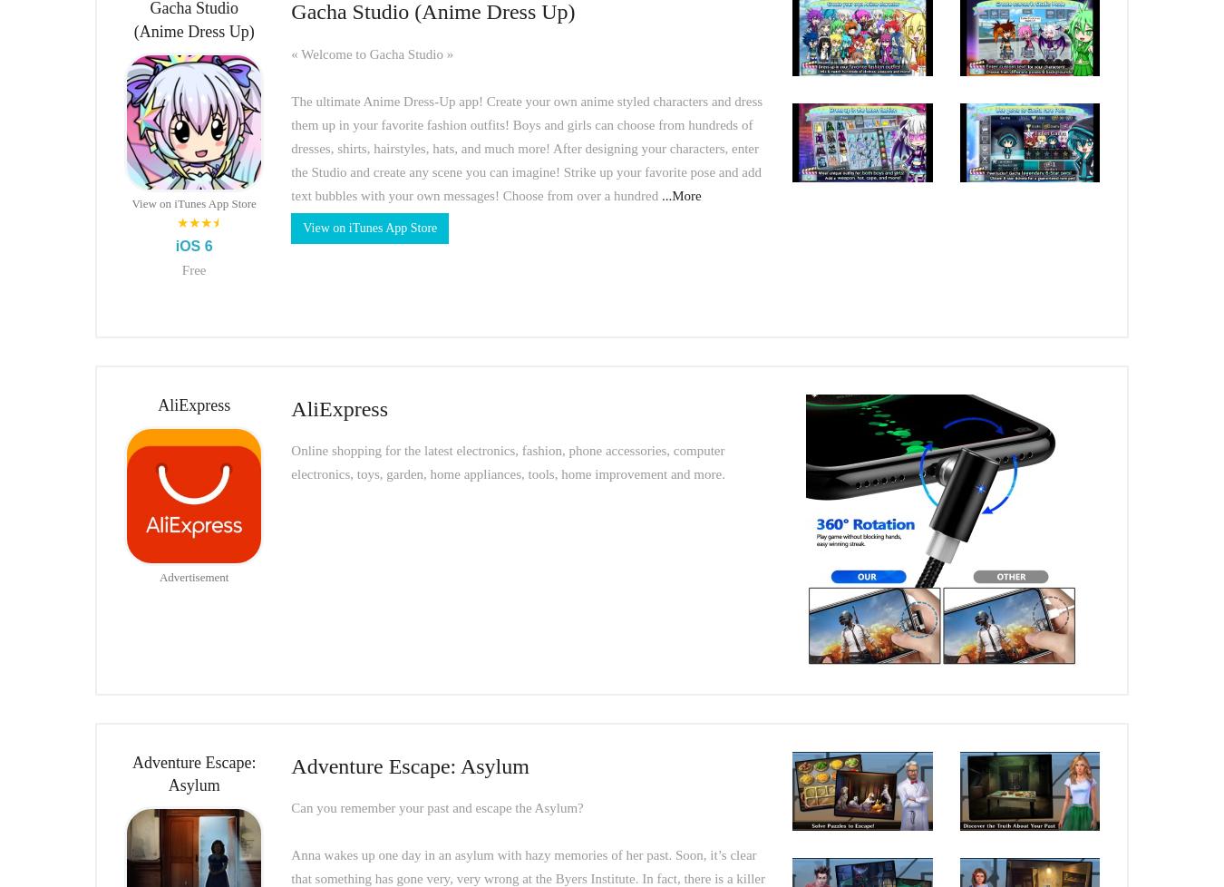 The width and height of the screenshot is (1224, 887). What do you see at coordinates (193, 577) in the screenshot?
I see `'Advertisement'` at bounding box center [193, 577].